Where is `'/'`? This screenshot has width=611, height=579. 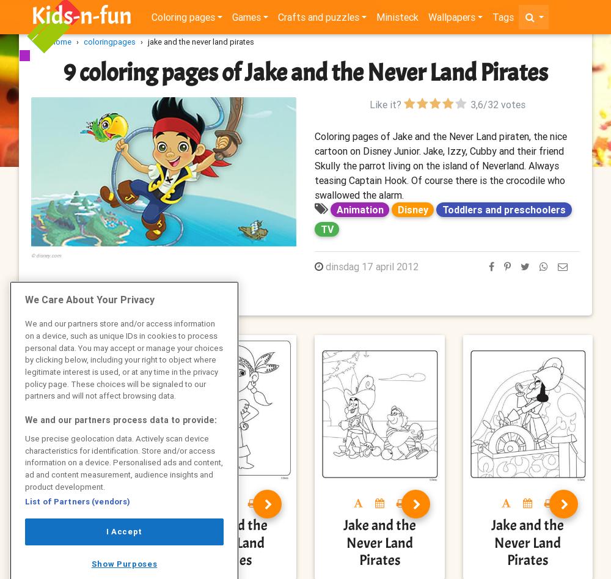
'/' is located at coordinates (485, 103).